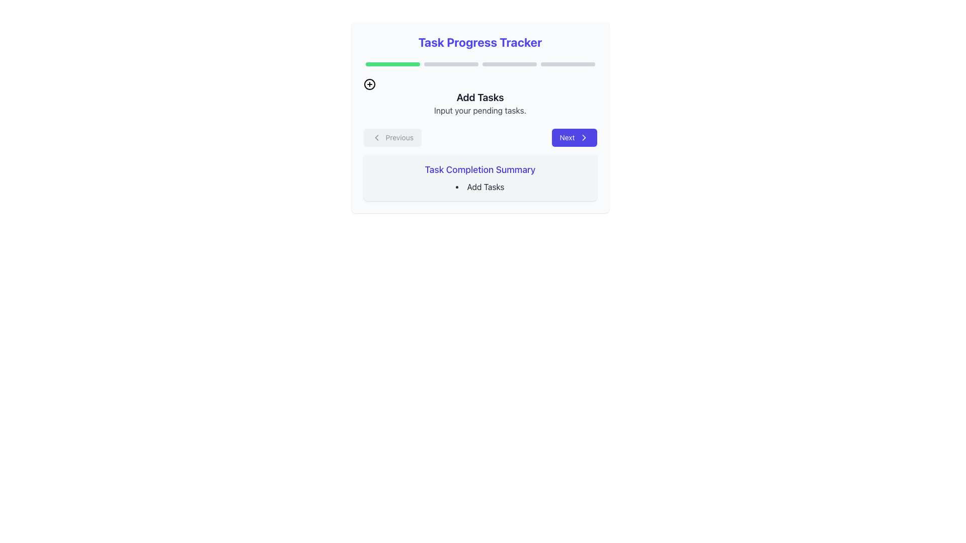  Describe the element at coordinates (479, 137) in the screenshot. I see `the 'Previous' button on the Navigation bar` at that location.